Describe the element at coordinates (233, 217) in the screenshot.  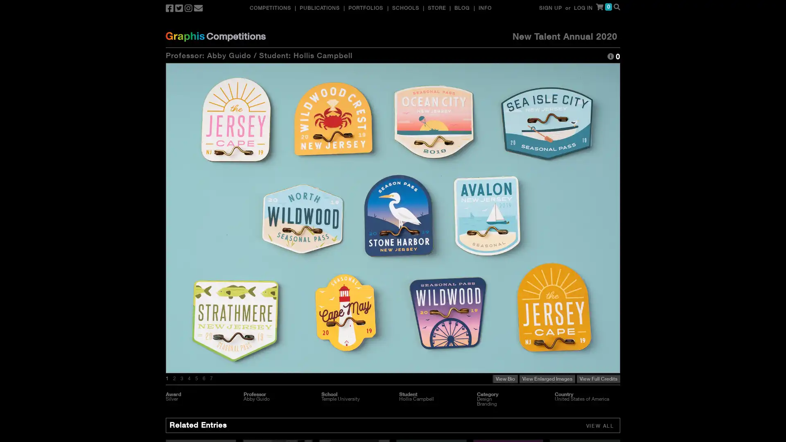
I see `Previous` at that location.